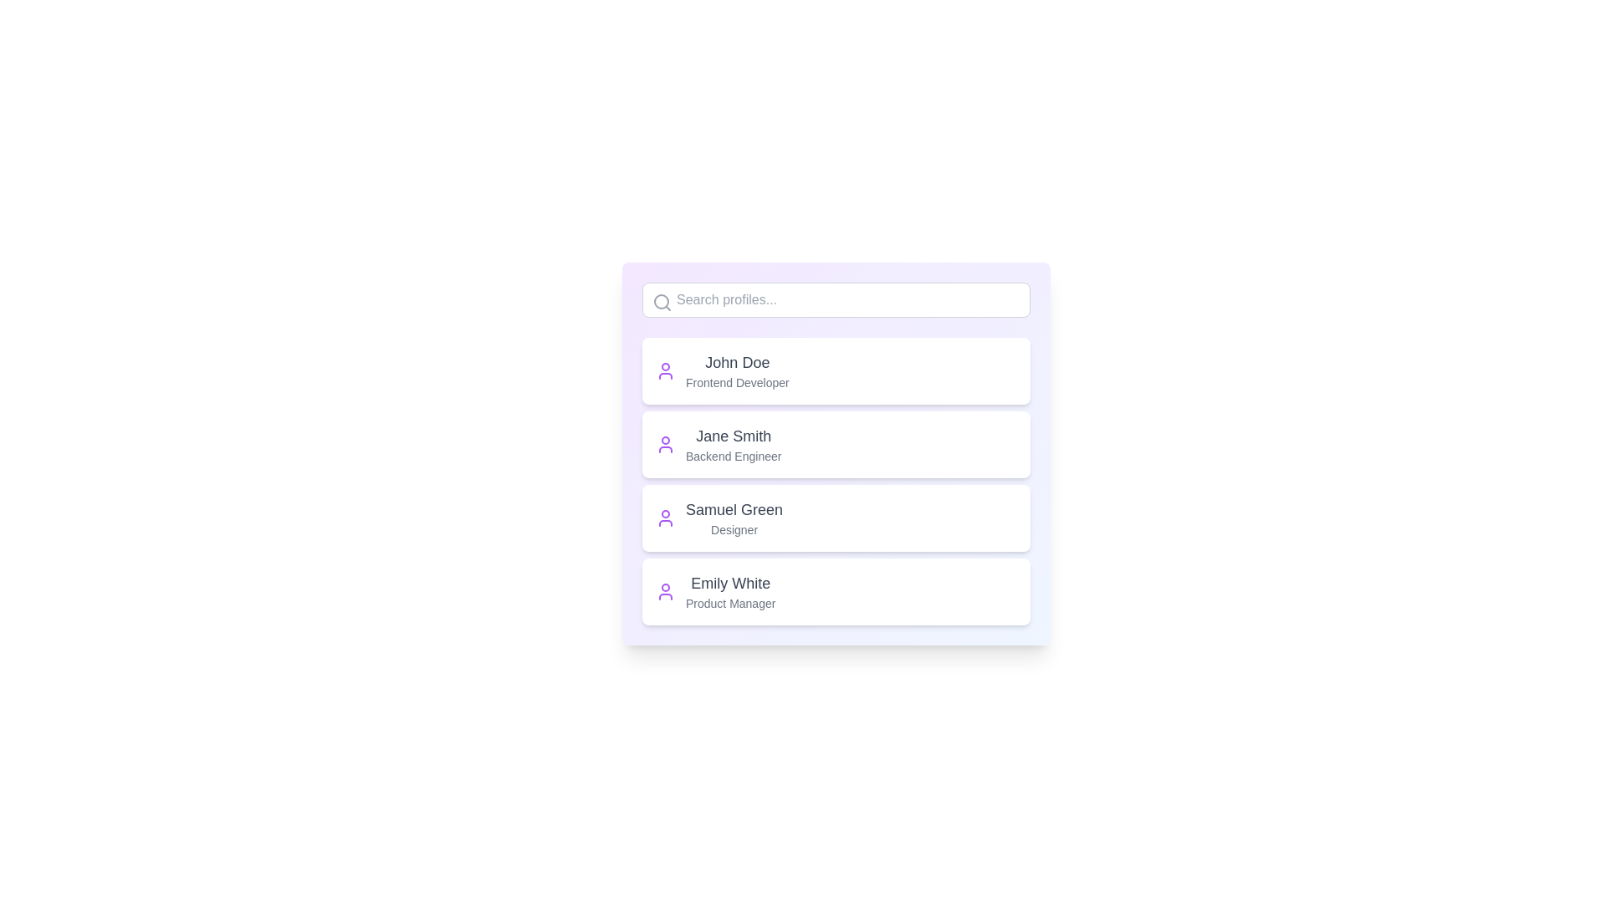 The image size is (1606, 903). What do you see at coordinates (836, 454) in the screenshot?
I see `the second list item with a purple-to-blue gradient background` at bounding box center [836, 454].